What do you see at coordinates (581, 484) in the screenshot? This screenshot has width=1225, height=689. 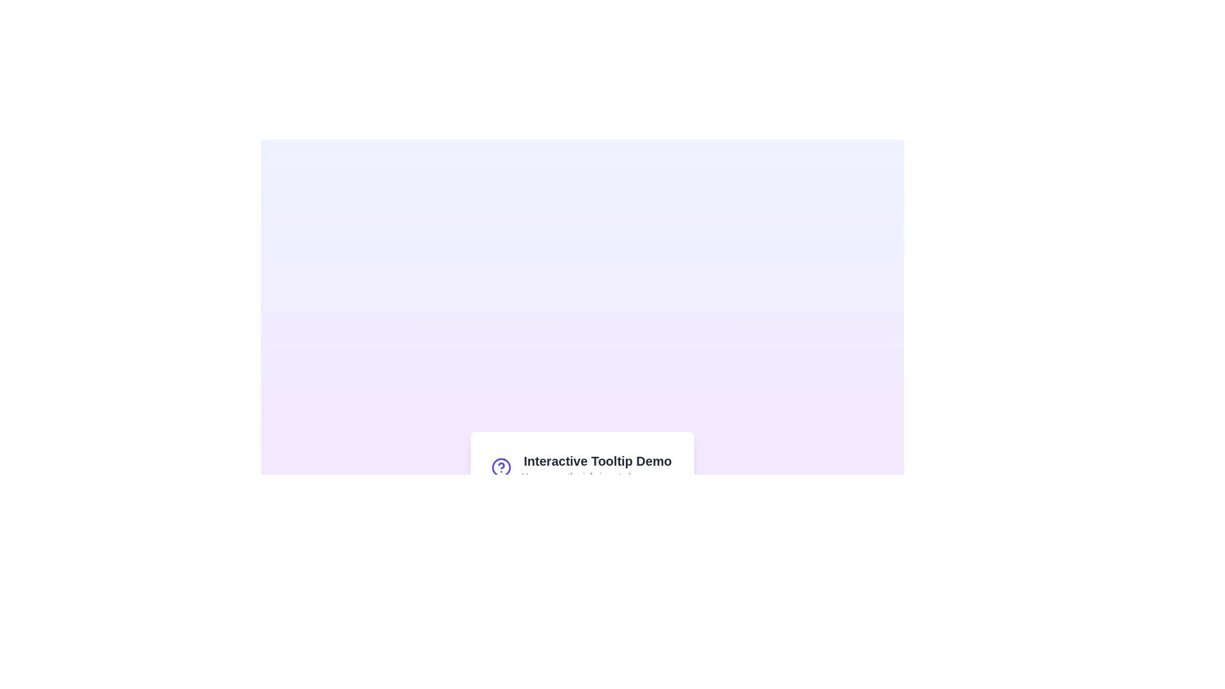 I see `the white rectangular box with rounded corners labeled 'Interactive Tooltip Demo' located in the lower half of the interface` at bounding box center [581, 484].